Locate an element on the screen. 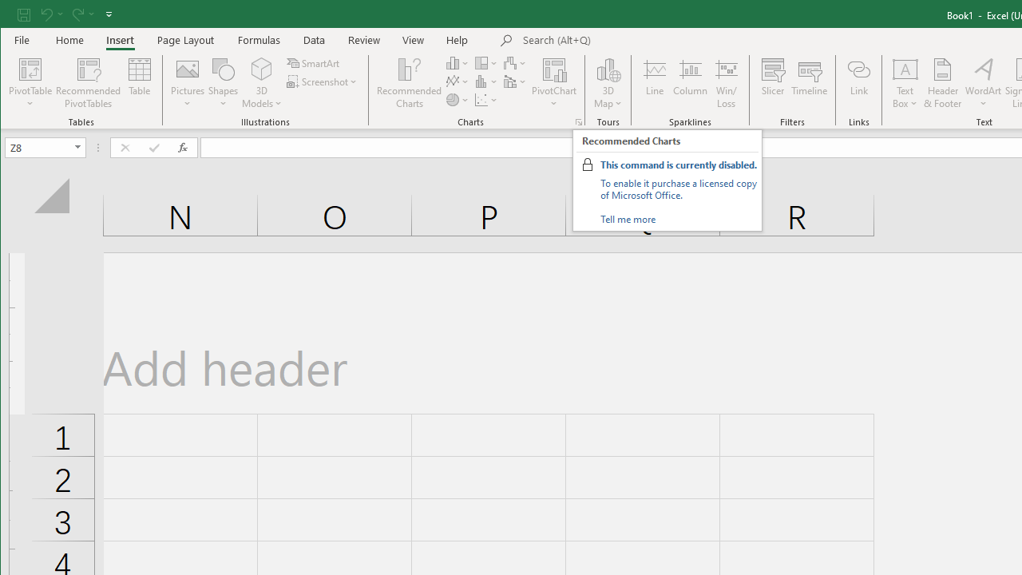  'This command is currently disabled.' is located at coordinates (678, 165).